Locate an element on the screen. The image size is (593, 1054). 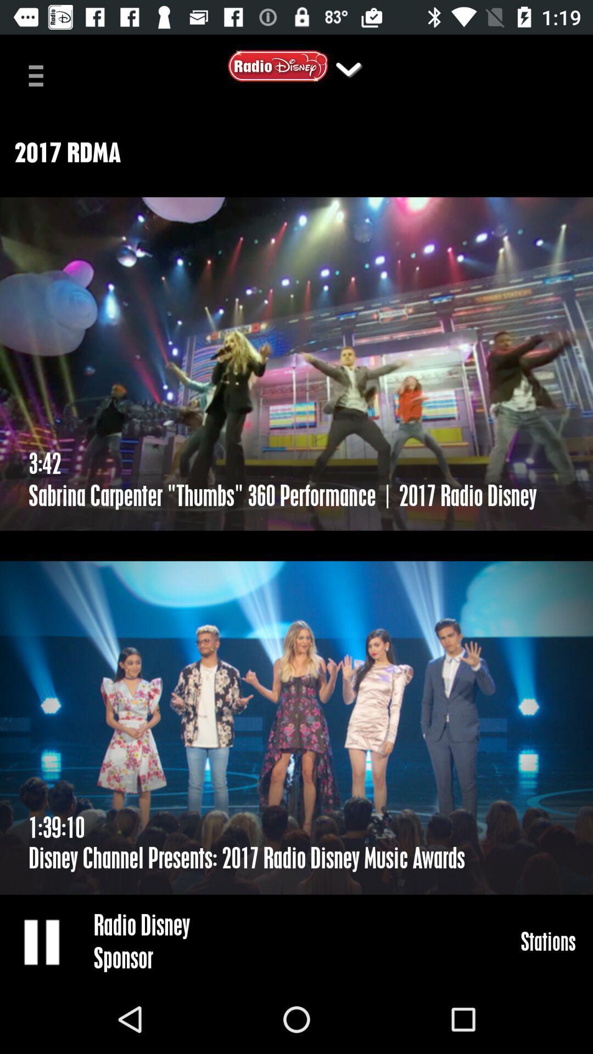
the item above the 2017 rdma item is located at coordinates (40, 74).